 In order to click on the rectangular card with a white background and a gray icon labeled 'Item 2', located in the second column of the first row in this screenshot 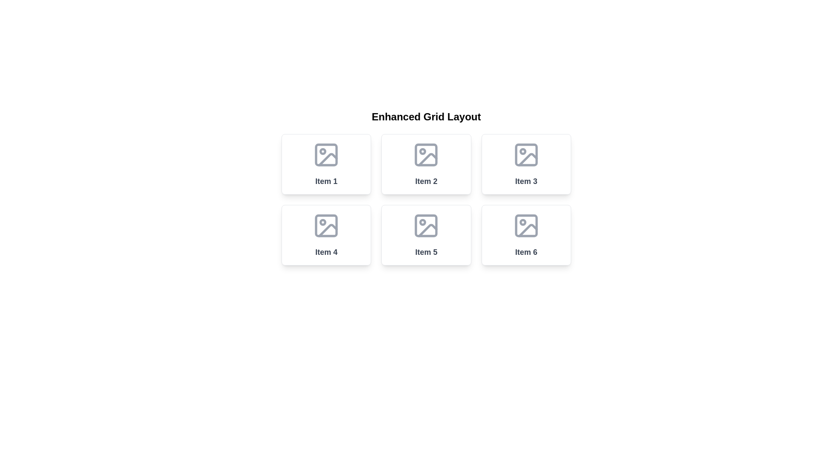, I will do `click(426, 164)`.